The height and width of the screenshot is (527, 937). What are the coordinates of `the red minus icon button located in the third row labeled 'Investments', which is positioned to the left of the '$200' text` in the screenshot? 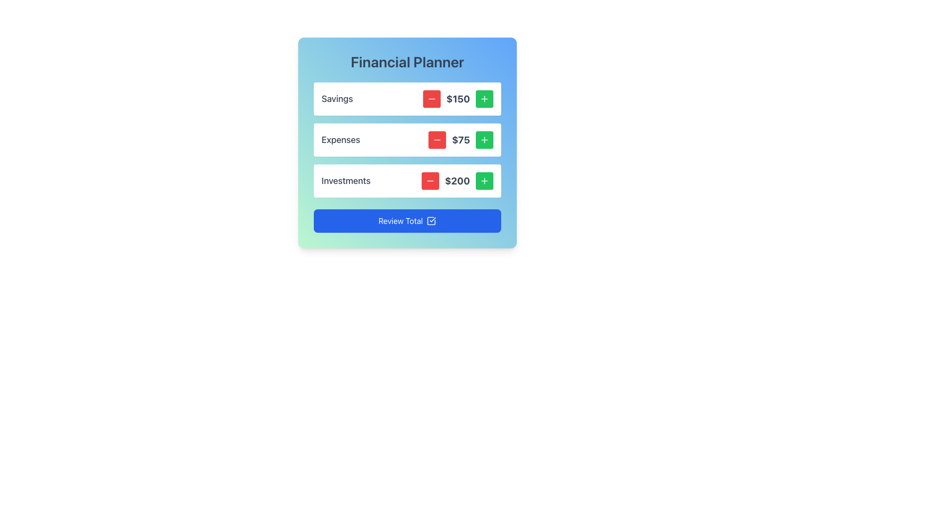 It's located at (429, 181).